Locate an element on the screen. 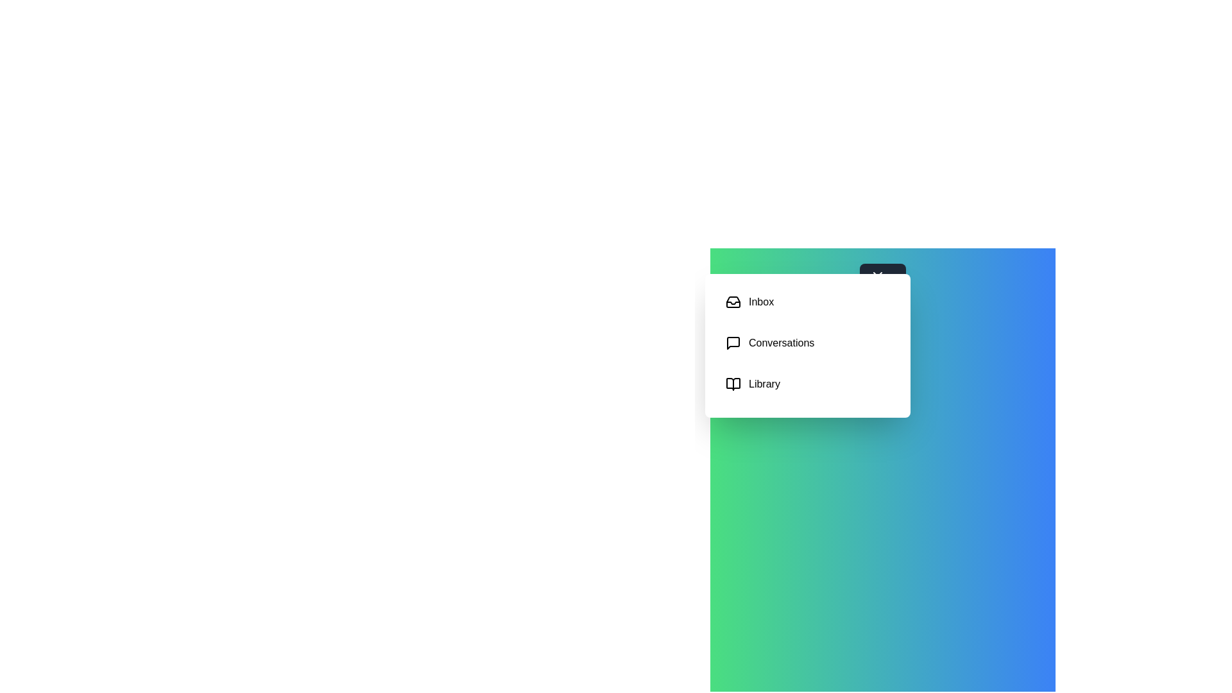 The width and height of the screenshot is (1232, 693). the category Inbox to observe the hover effect is located at coordinates (807, 302).